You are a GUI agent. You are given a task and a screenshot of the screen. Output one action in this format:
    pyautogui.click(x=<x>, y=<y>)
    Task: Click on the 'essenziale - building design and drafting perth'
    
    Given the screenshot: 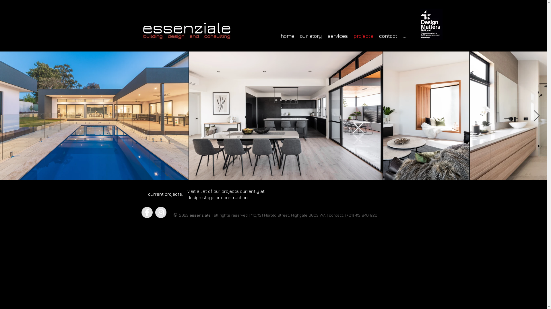 What is the action you would take?
    pyautogui.click(x=431, y=24)
    